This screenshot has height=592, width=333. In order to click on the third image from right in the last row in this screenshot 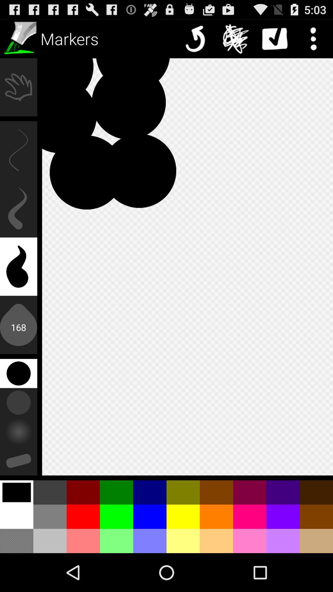, I will do `click(250, 541)`.